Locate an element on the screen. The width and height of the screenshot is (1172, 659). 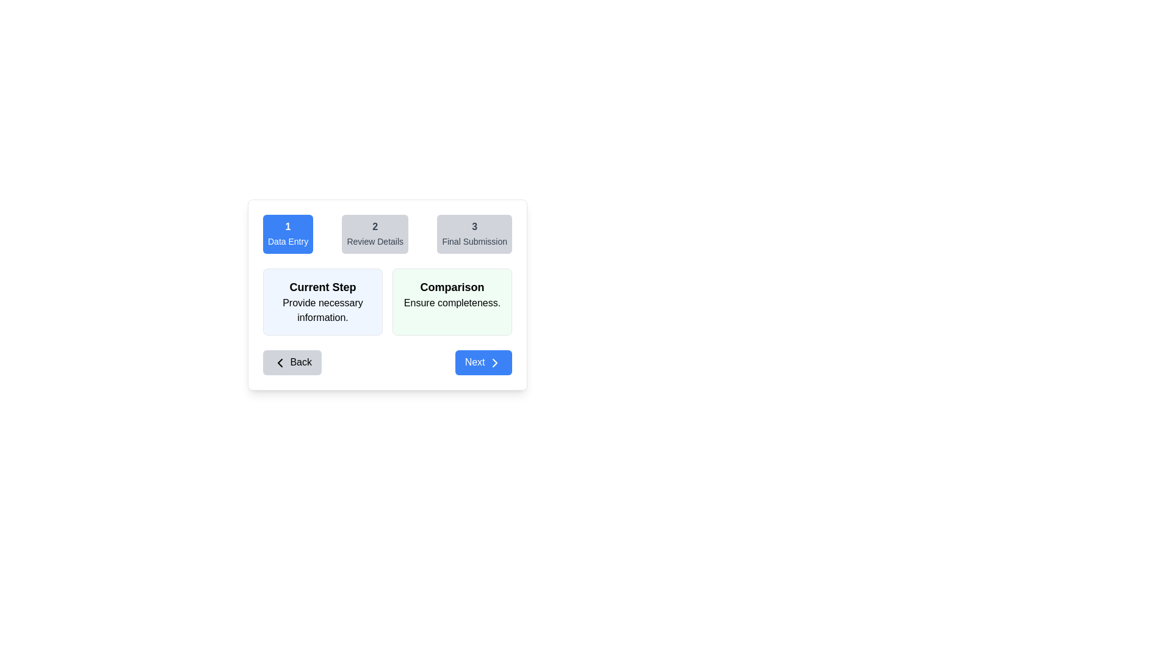
the 'Review Details' step indicator, which is the middle component among three buttons indicating the progression in a multi-step process is located at coordinates (374, 234).